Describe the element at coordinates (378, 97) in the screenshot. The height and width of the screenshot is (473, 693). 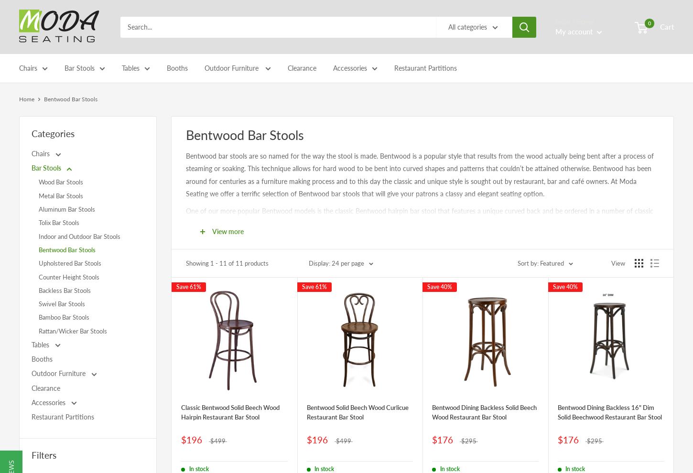
I see `'Trash & Recycling Containers'` at that location.